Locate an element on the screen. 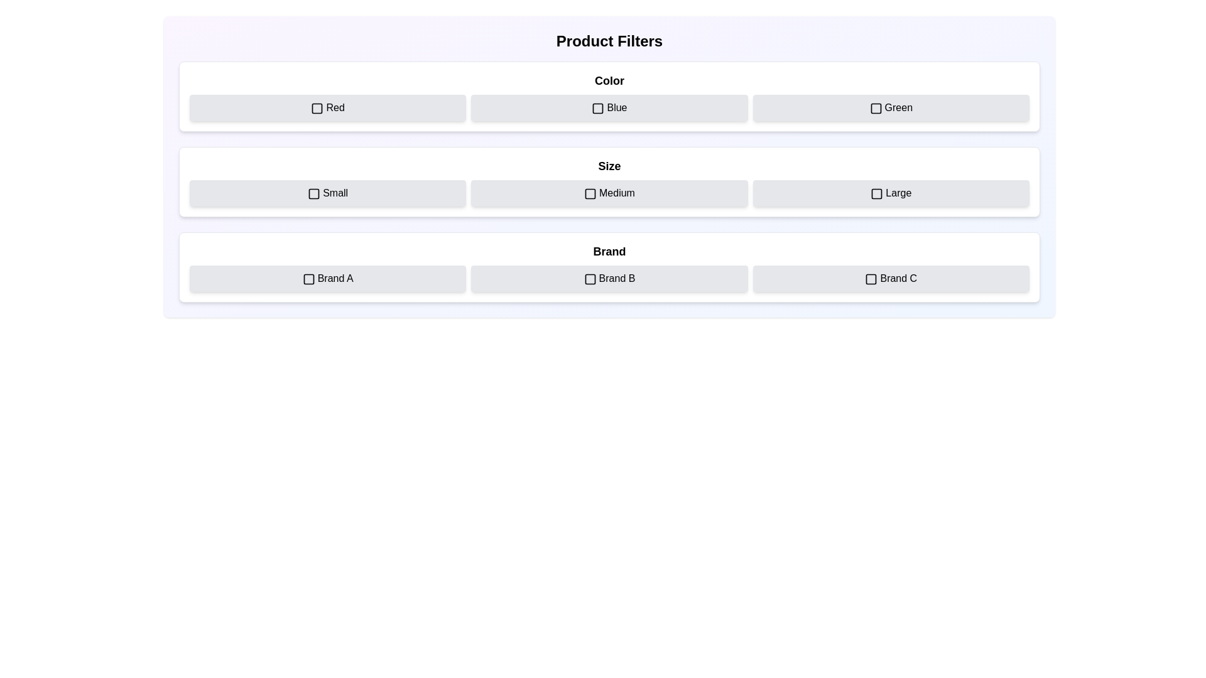 This screenshot has height=678, width=1206. the 'Brand B' button, which is the second button in a row of three in the 'Brand' section is located at coordinates (609, 277).